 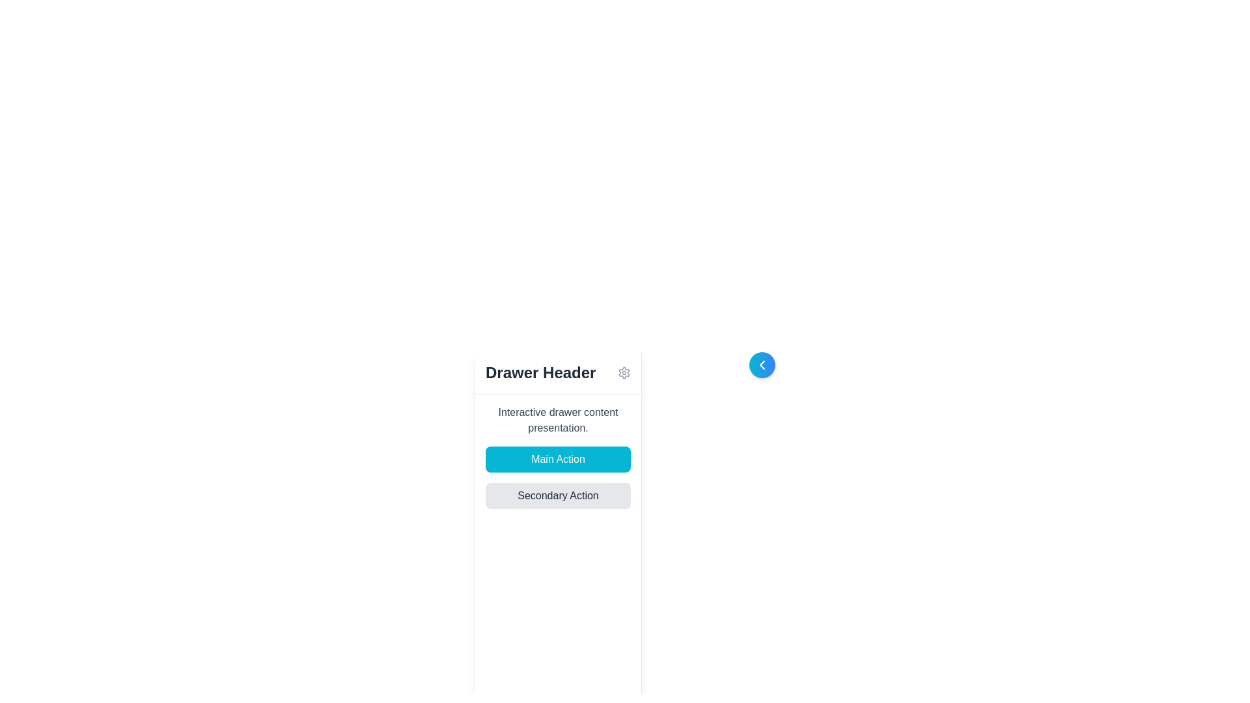 I want to click on the horizontally elongated rectangular button labeled 'Secondary Action', so click(x=558, y=496).